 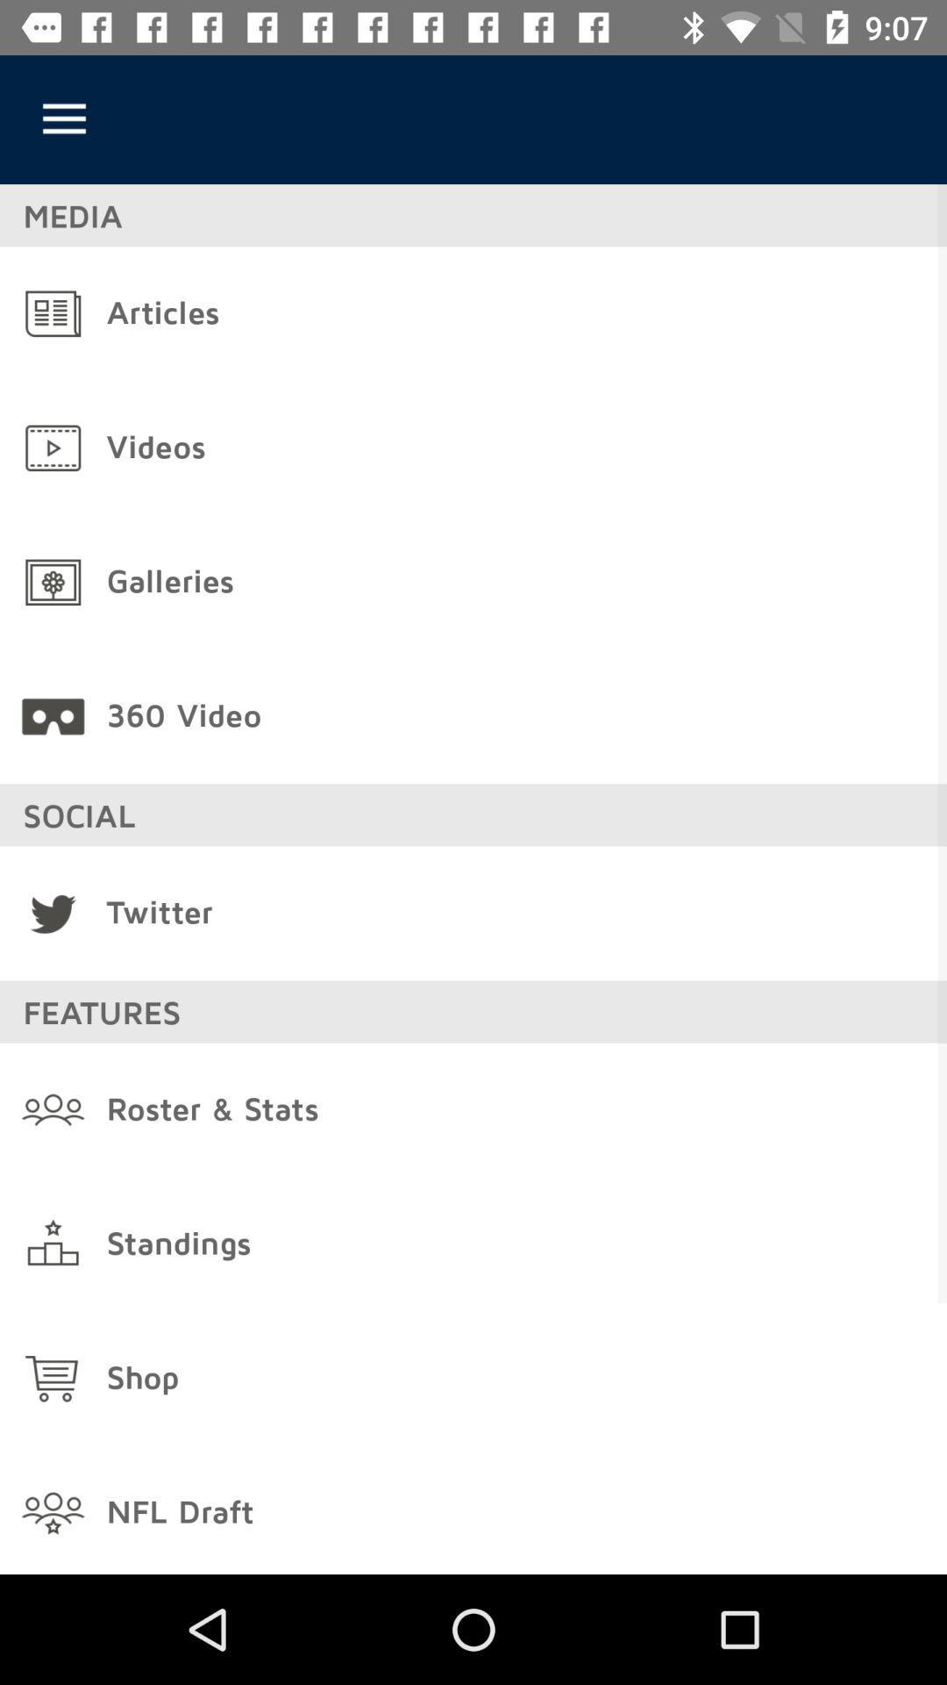 I want to click on the icon left to roster  stats, so click(x=53, y=1109).